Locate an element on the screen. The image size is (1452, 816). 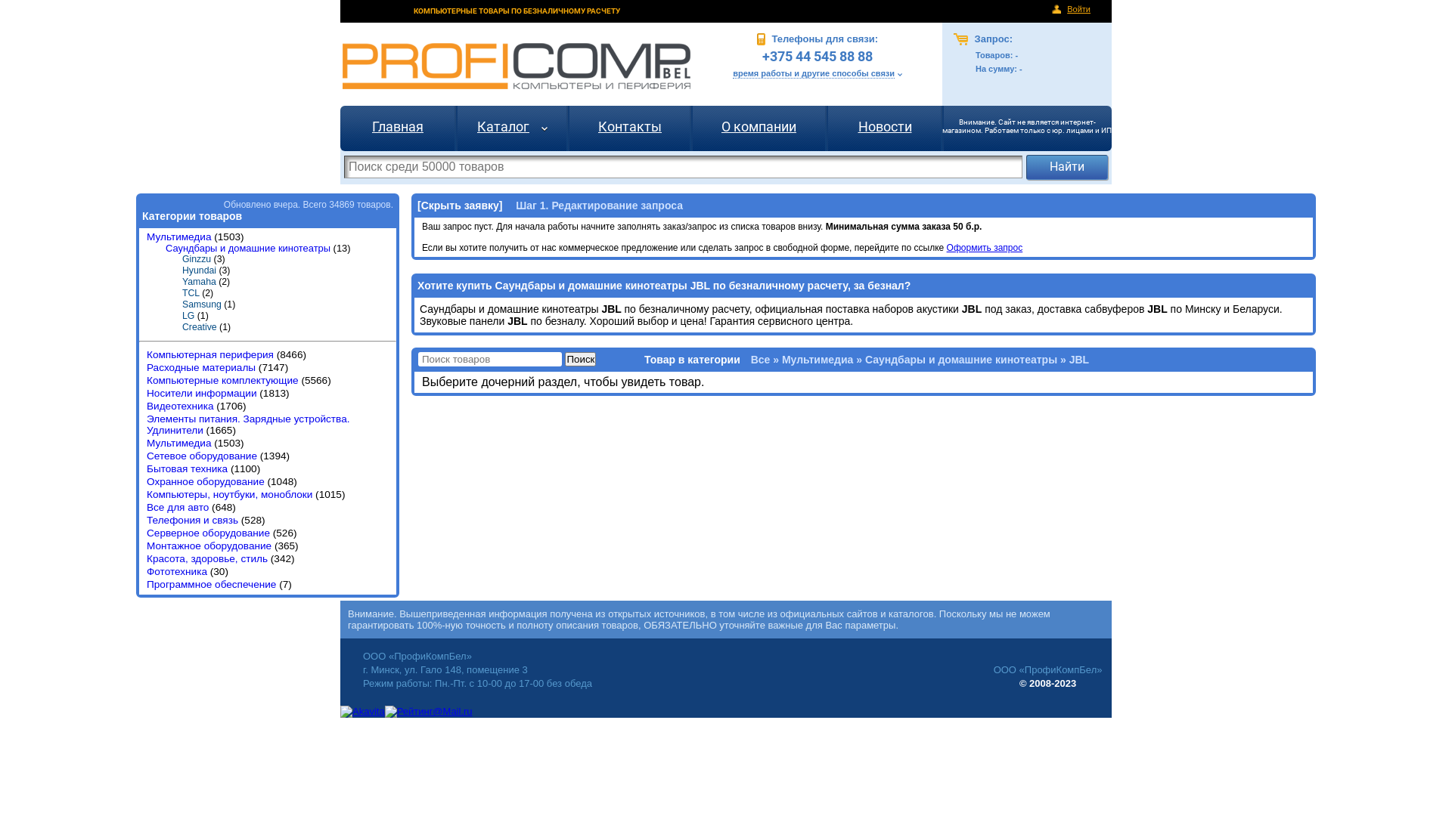
'Yamaha' is located at coordinates (198, 282).